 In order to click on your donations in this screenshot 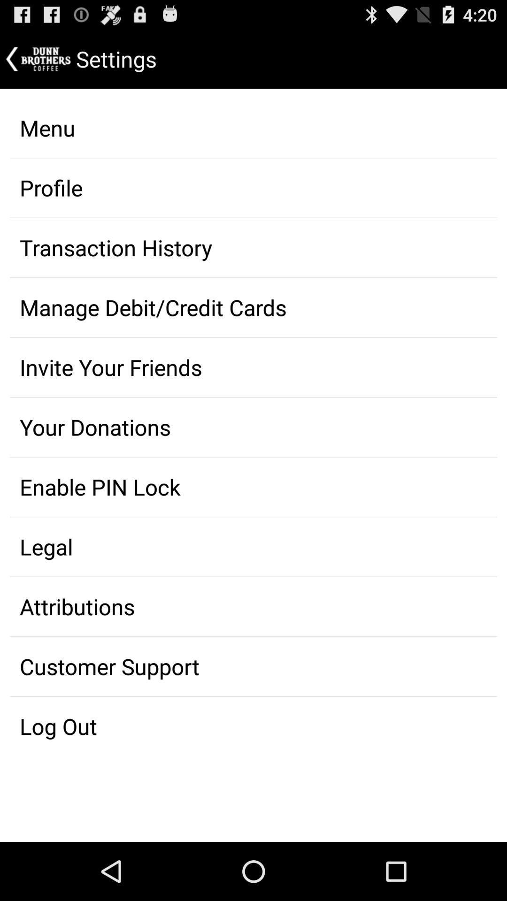, I will do `click(253, 427)`.